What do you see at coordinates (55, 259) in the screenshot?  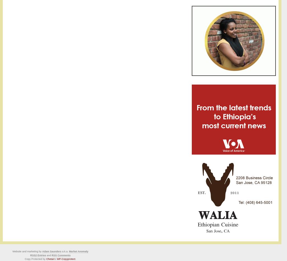 I see `''s'` at bounding box center [55, 259].